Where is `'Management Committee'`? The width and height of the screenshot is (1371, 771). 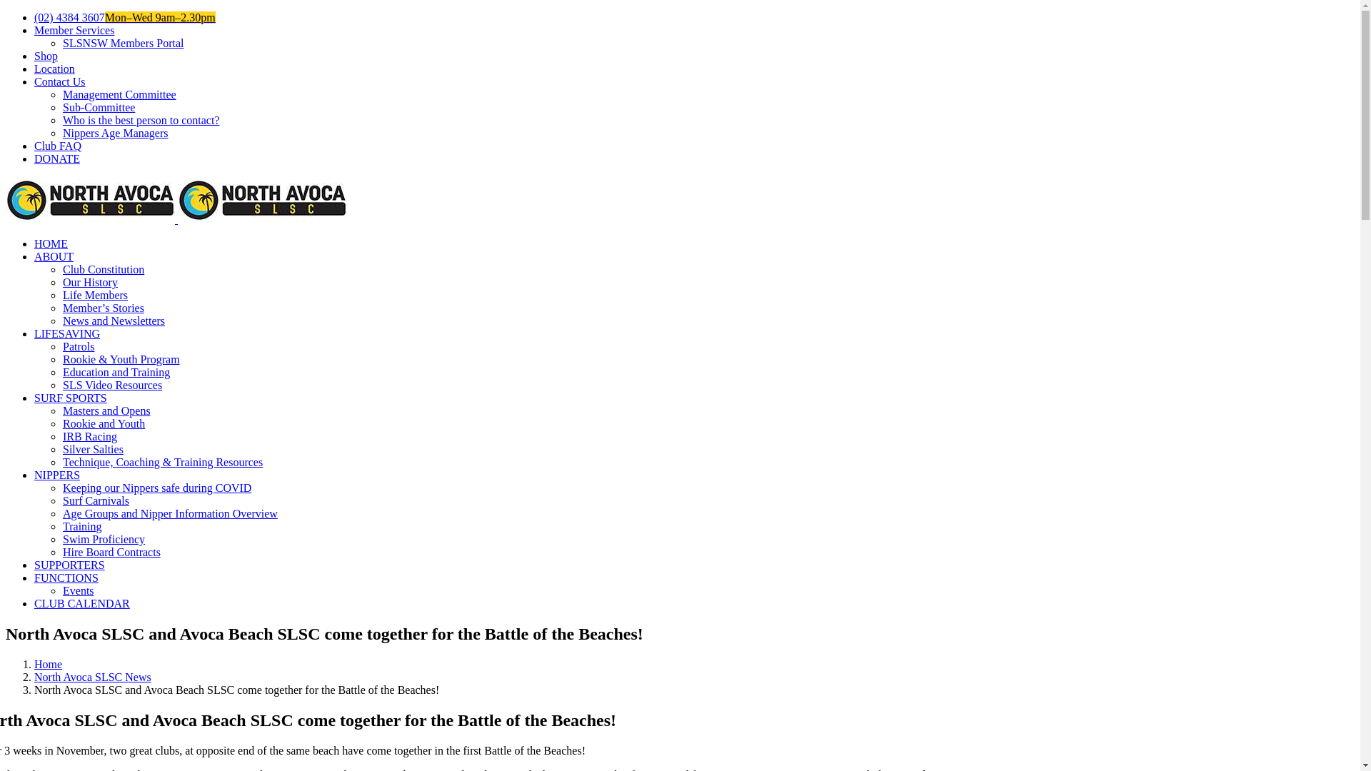 'Management Committee' is located at coordinates (119, 94).